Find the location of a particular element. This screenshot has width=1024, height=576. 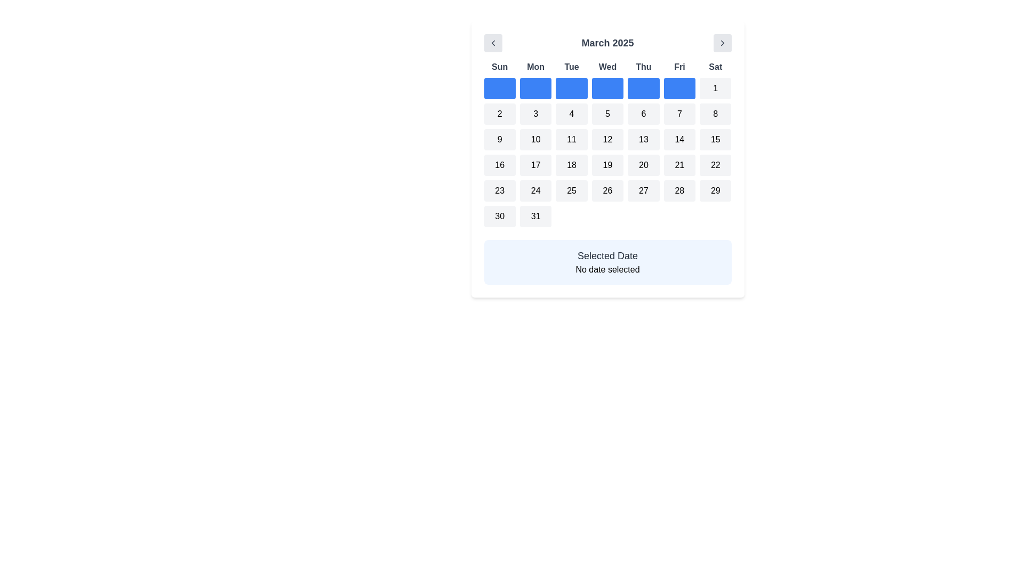

the selectable date button located in the third row and the seventh column of the calendar widget is located at coordinates (715, 114).